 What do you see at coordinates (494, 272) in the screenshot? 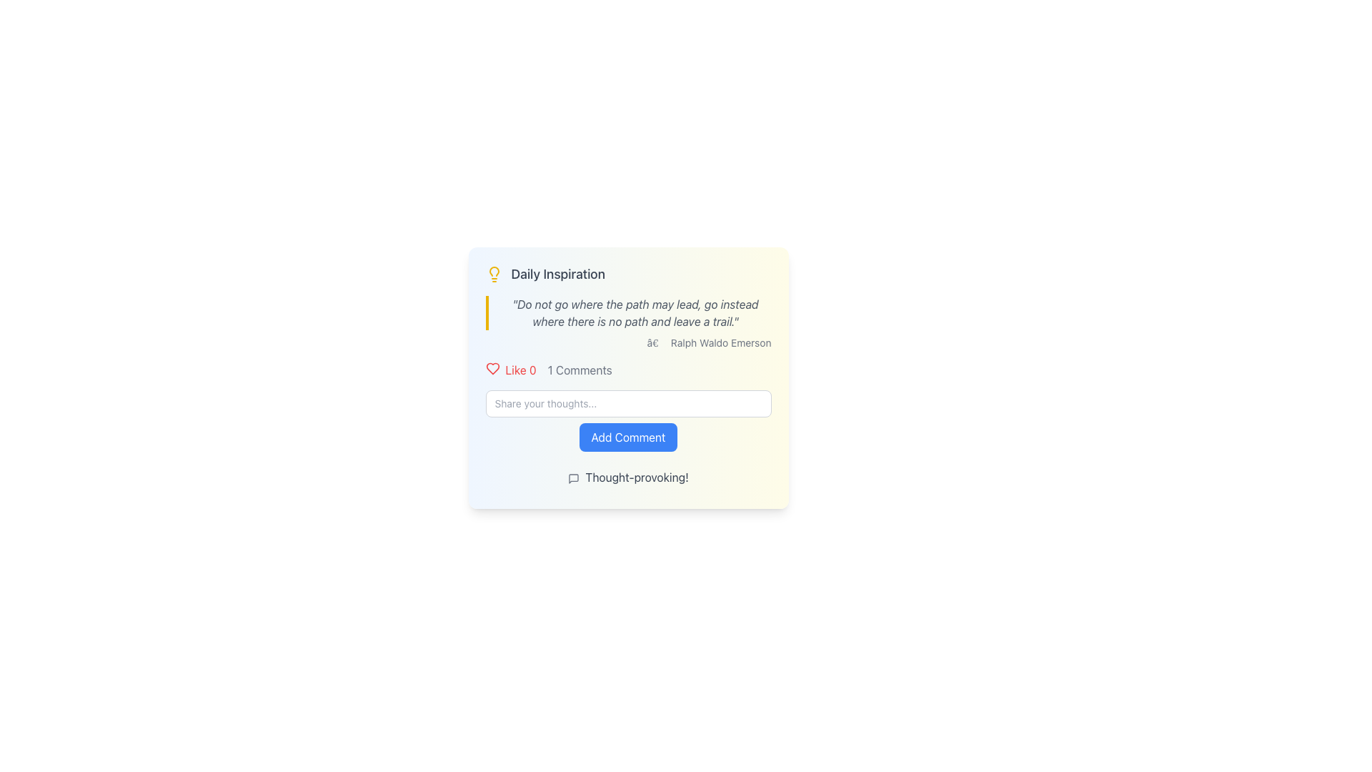
I see `the upper part of the lightbulb icon representing the filament area in the SVG element located to the left of the 'Daily Inspiration' title` at bounding box center [494, 272].